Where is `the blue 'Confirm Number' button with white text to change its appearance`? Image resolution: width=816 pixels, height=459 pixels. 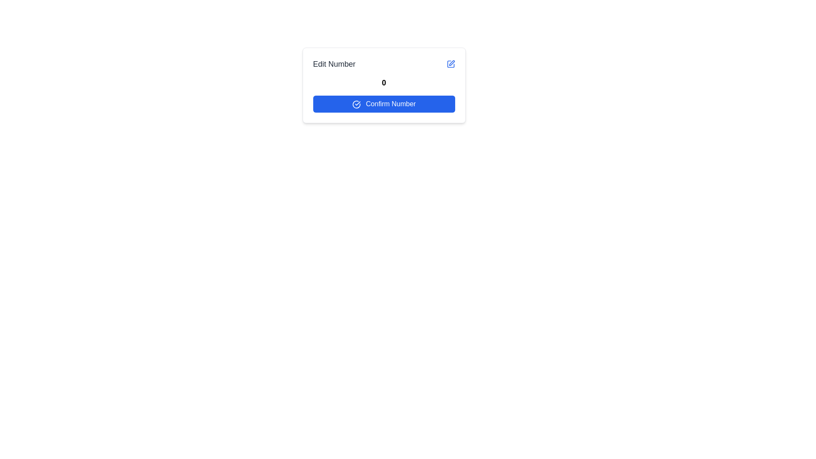 the blue 'Confirm Number' button with white text to change its appearance is located at coordinates (383, 104).